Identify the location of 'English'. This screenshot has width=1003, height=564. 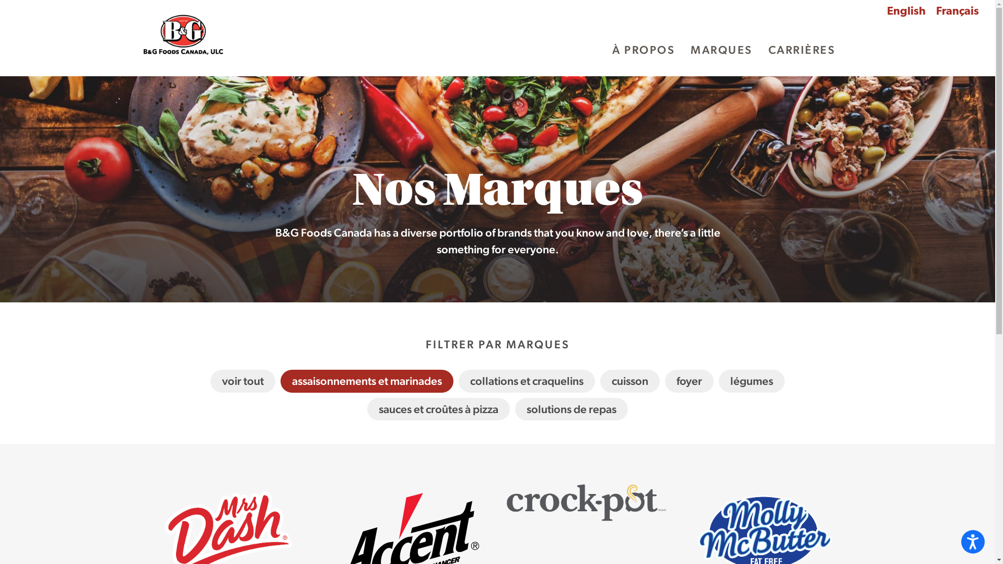
(905, 12).